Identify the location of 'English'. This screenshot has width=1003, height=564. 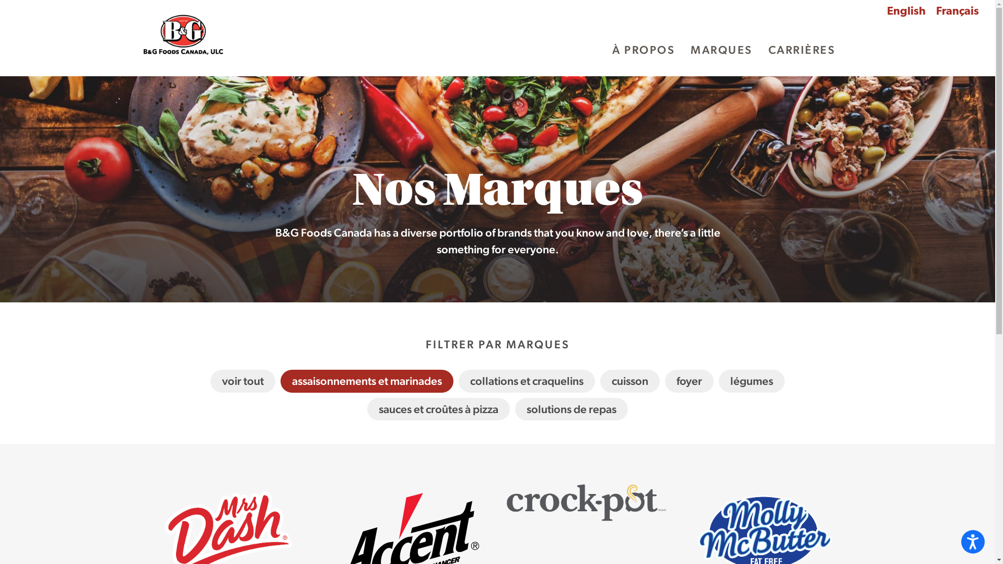
(905, 12).